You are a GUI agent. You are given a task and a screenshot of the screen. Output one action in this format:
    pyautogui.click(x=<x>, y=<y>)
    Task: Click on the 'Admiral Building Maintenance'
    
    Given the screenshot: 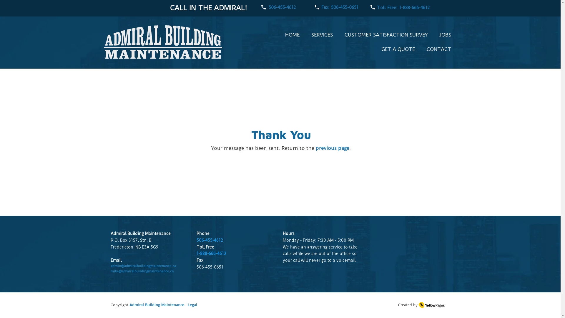 What is the action you would take?
    pyautogui.click(x=157, y=305)
    